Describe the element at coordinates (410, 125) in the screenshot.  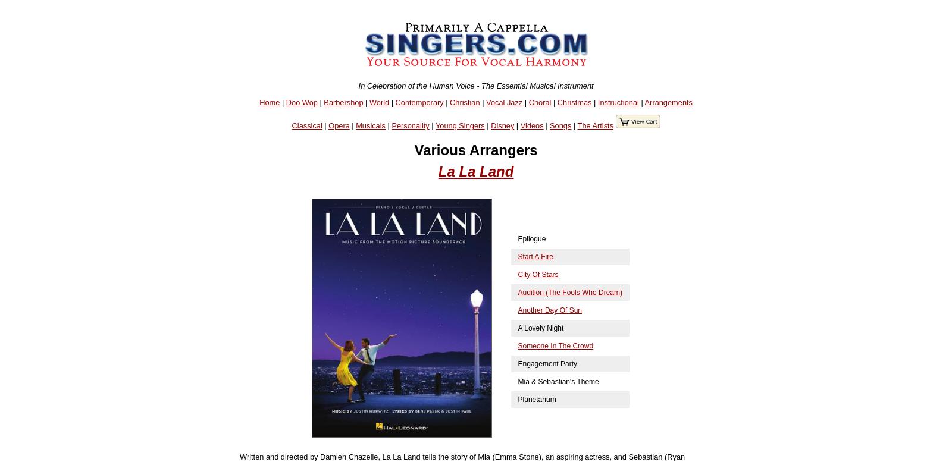
I see `'Personality'` at that location.